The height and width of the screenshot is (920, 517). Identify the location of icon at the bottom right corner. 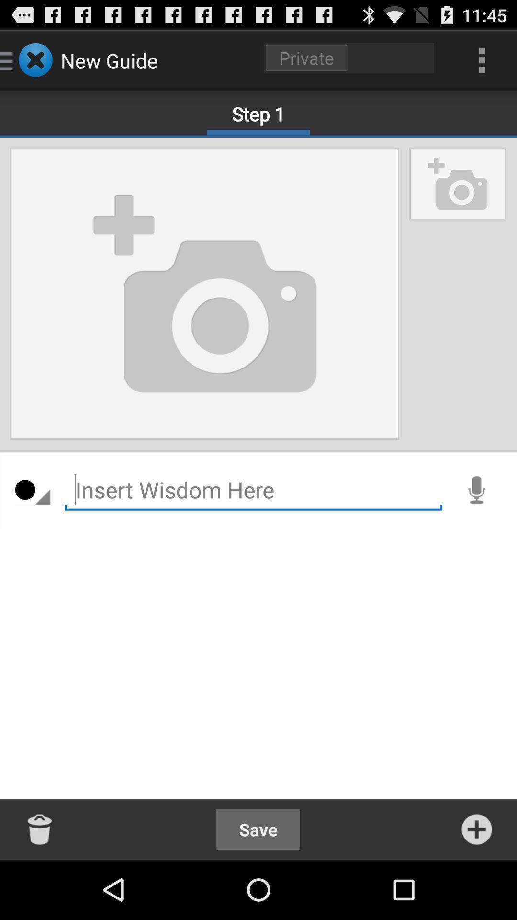
(476, 829).